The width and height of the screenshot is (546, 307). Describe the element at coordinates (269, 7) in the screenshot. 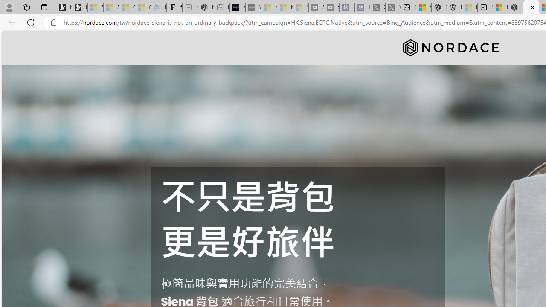

I see `'Microsoft Start Sports - Sleeping'` at that location.